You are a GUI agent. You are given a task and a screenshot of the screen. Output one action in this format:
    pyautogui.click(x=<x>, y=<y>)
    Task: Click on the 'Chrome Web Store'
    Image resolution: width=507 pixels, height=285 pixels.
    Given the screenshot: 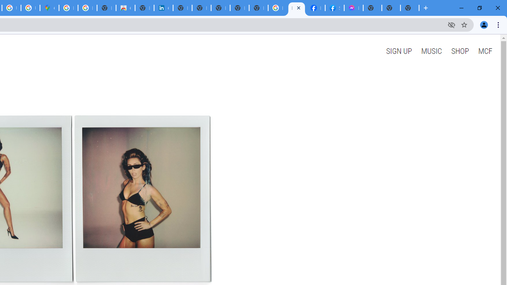 What is the action you would take?
    pyautogui.click(x=125, y=8)
    